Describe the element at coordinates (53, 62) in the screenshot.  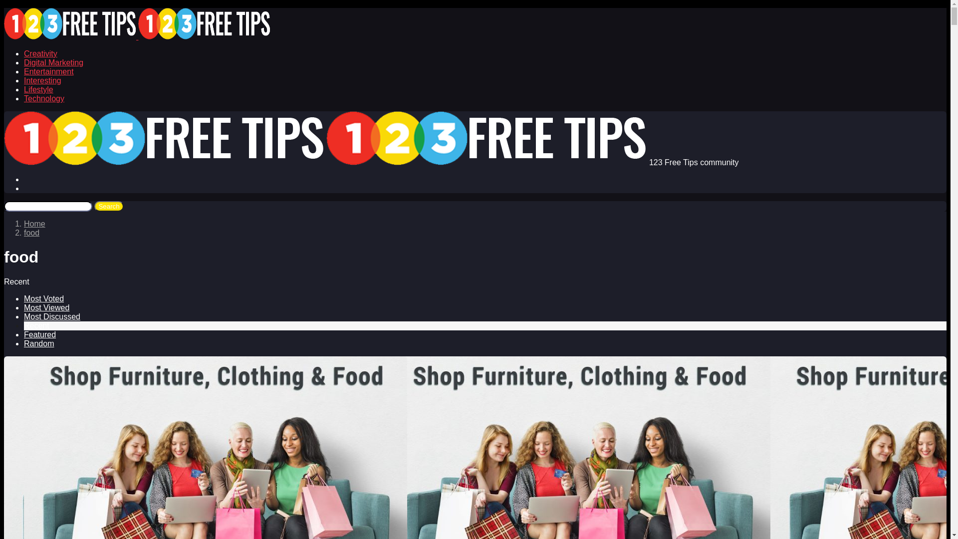
I see `'Digital Marketing'` at that location.